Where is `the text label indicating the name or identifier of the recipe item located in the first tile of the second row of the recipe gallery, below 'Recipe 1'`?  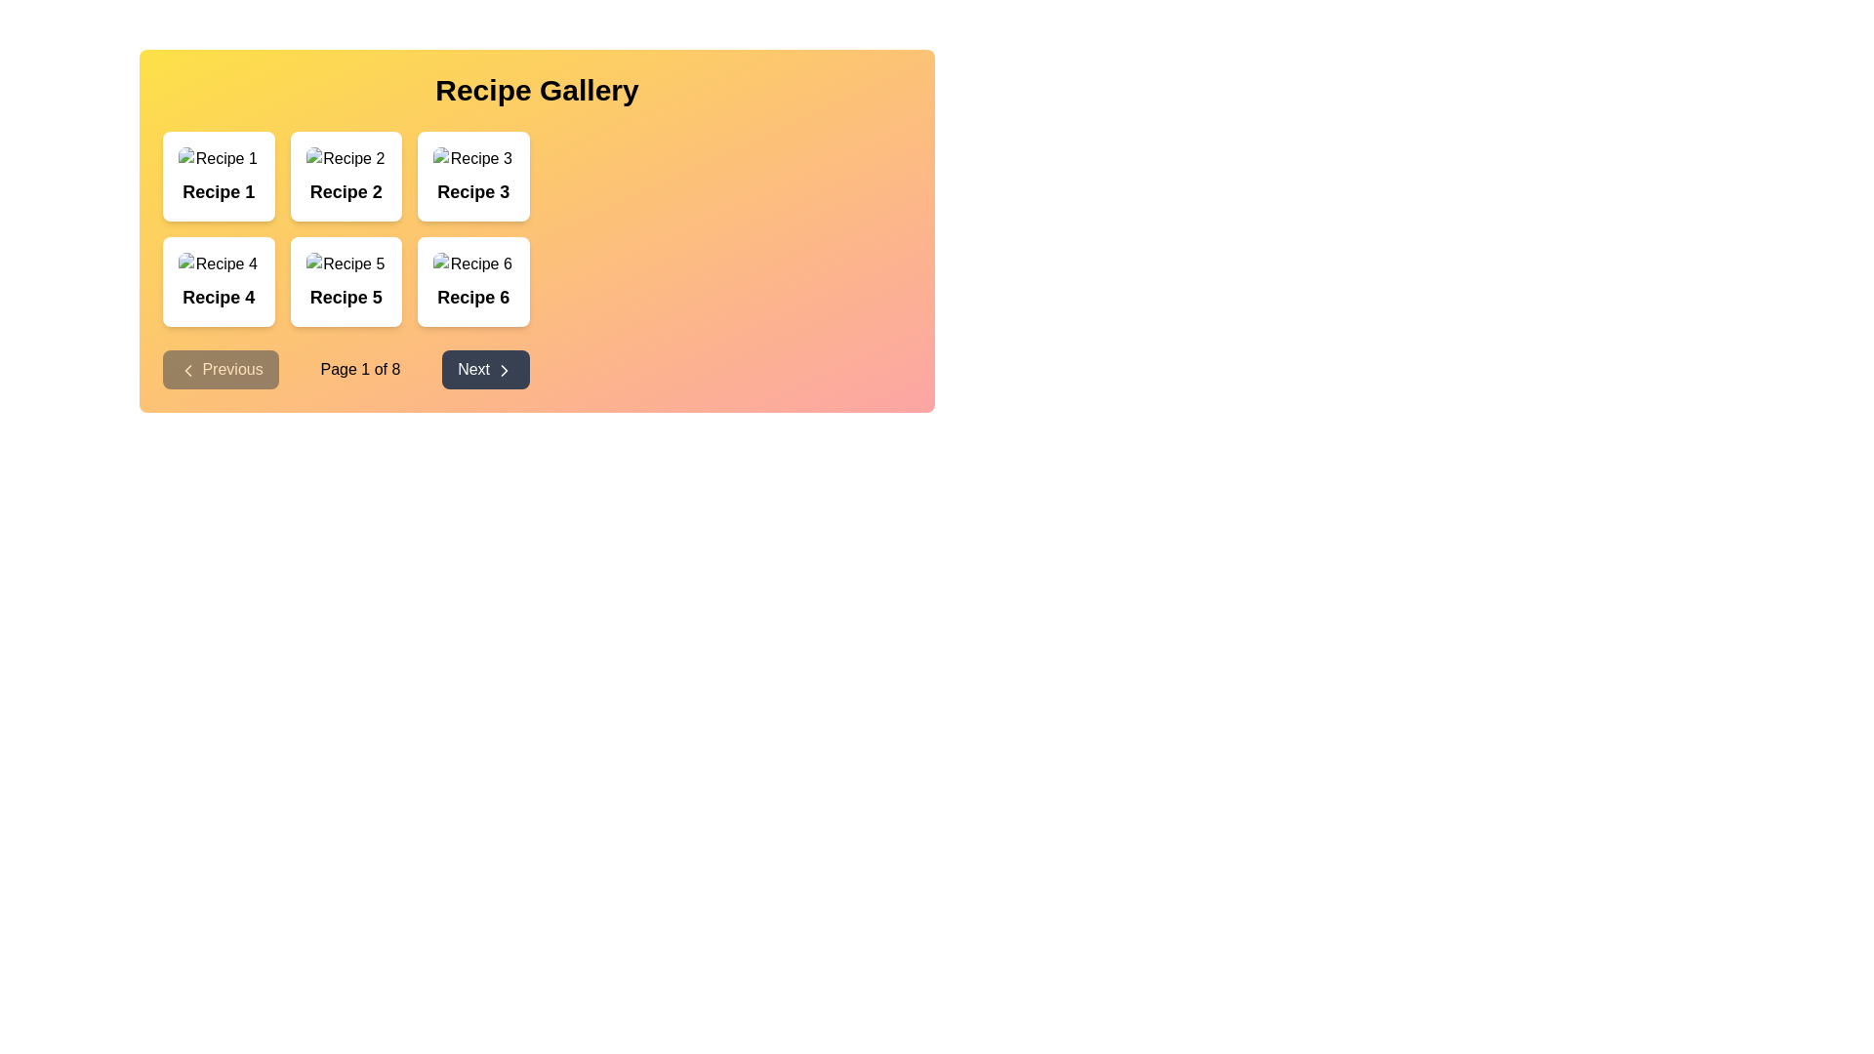 the text label indicating the name or identifier of the recipe item located in the first tile of the second row of the recipe gallery, below 'Recipe 1' is located at coordinates (219, 297).